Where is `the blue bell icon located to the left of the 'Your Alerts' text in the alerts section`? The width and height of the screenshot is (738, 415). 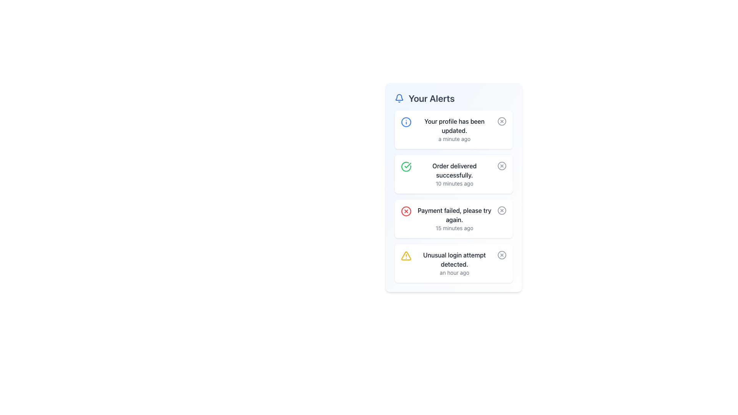
the blue bell icon located to the left of the 'Your Alerts' text in the alerts section is located at coordinates (399, 98).